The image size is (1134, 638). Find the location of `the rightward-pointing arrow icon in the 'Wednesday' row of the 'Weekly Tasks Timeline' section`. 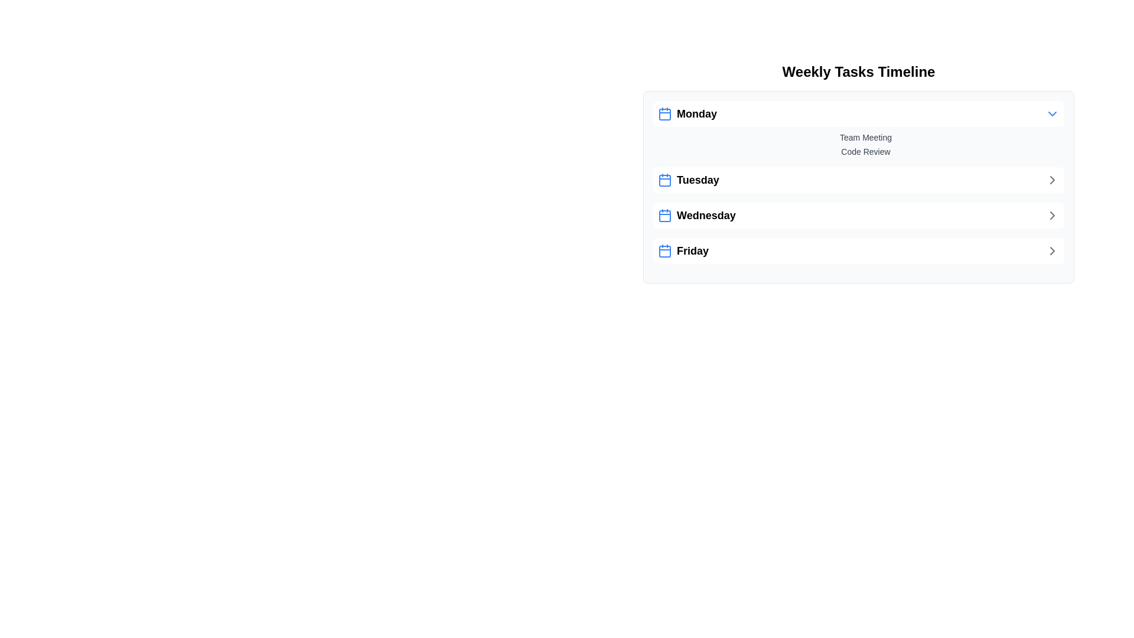

the rightward-pointing arrow icon in the 'Wednesday' row of the 'Weekly Tasks Timeline' section is located at coordinates (1052, 216).